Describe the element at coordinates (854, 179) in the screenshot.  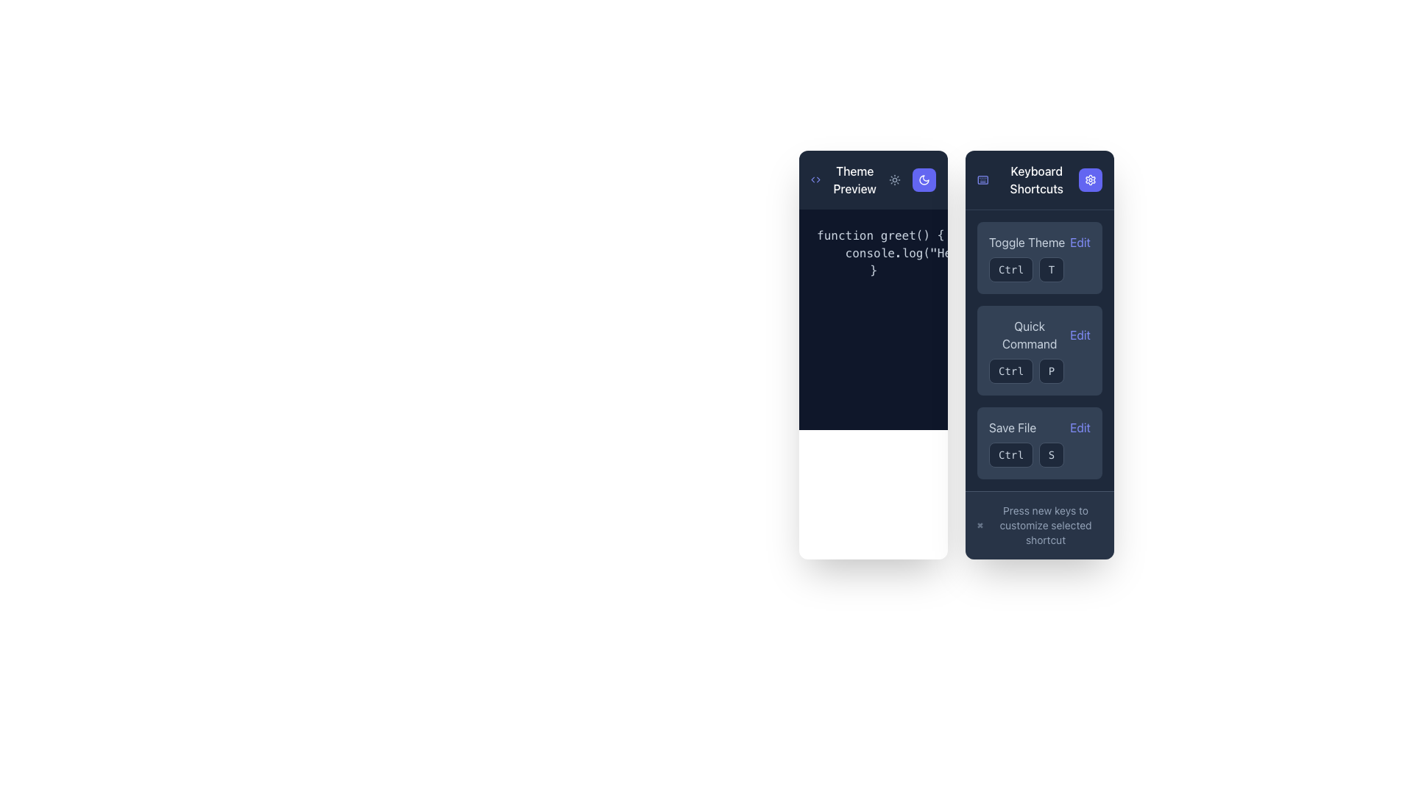
I see `text label 'Theme Preview' which is styled in white font on a dark background, located in the title bar of the left-most card in the interface` at that location.